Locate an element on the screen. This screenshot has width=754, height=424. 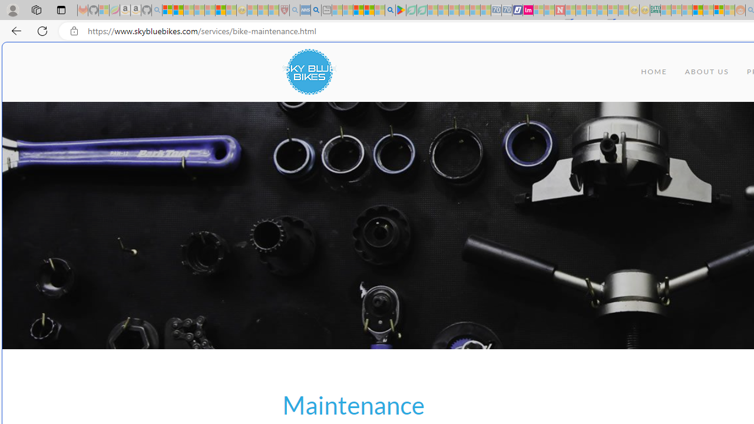
'Robert H. Shmerling, MD - Harvard Health - Sleeping' is located at coordinates (284, 10).